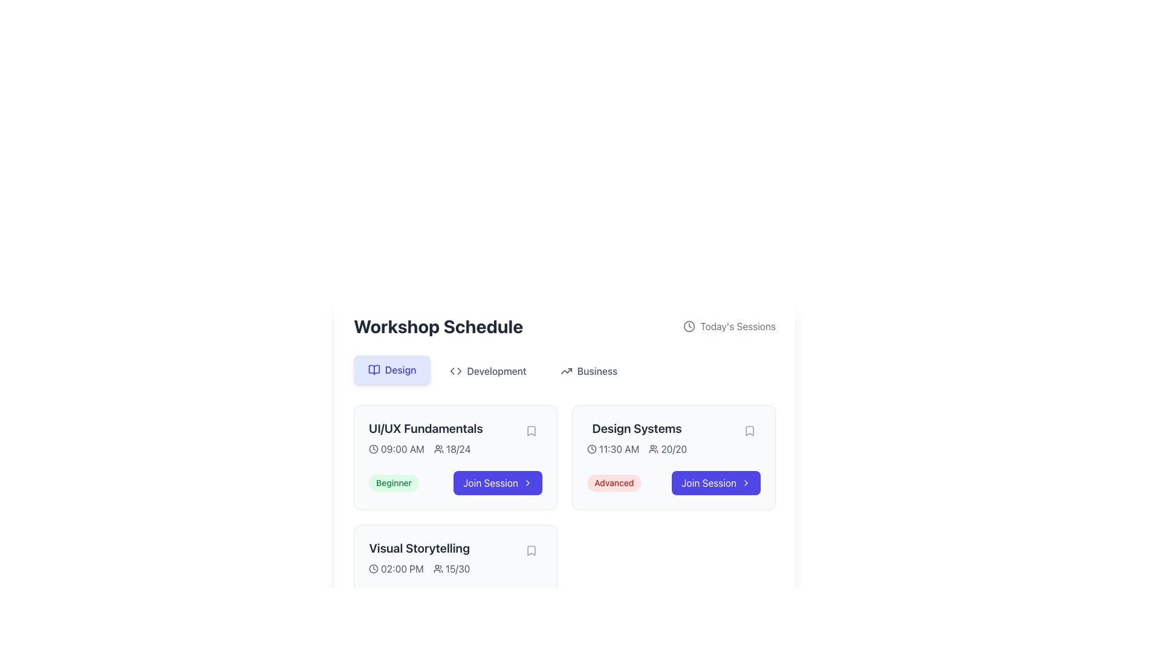 The height and width of the screenshot is (653, 1161). I want to click on the chevron-right icon located at the far right end of the 'Join Session' button on the 'Design Systems' card, so click(528, 482).